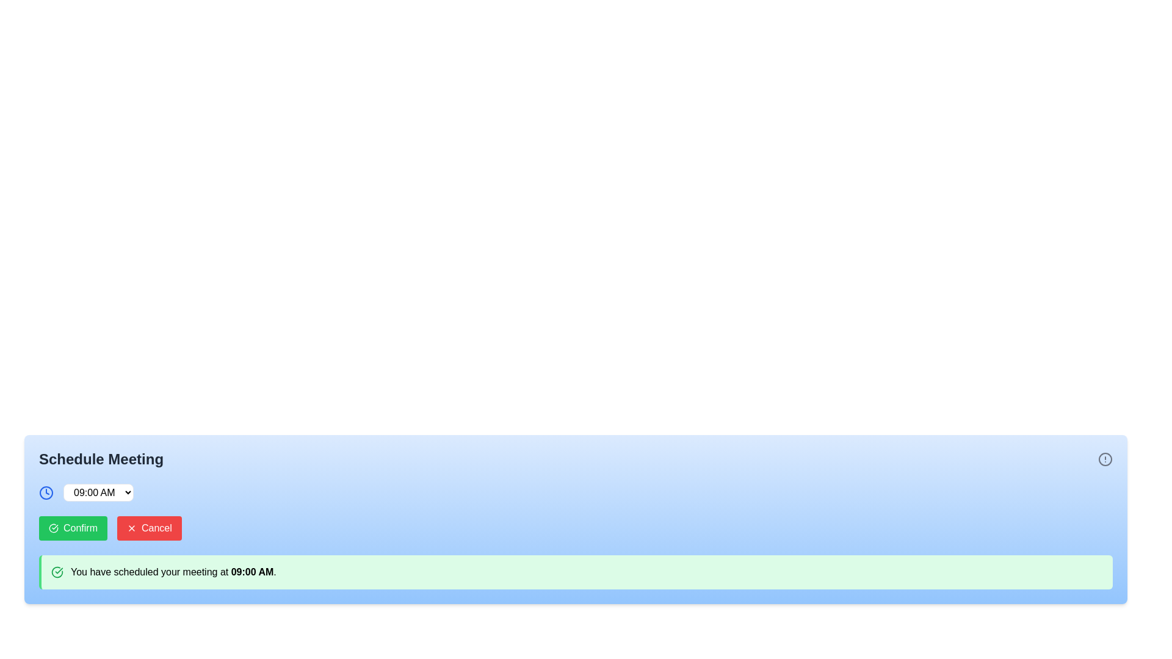 This screenshot has height=659, width=1172. I want to click on the clock icon, which is located at the leftmost position of a horizontal group, indicating time selection or scheduling functionality, so click(46, 492).